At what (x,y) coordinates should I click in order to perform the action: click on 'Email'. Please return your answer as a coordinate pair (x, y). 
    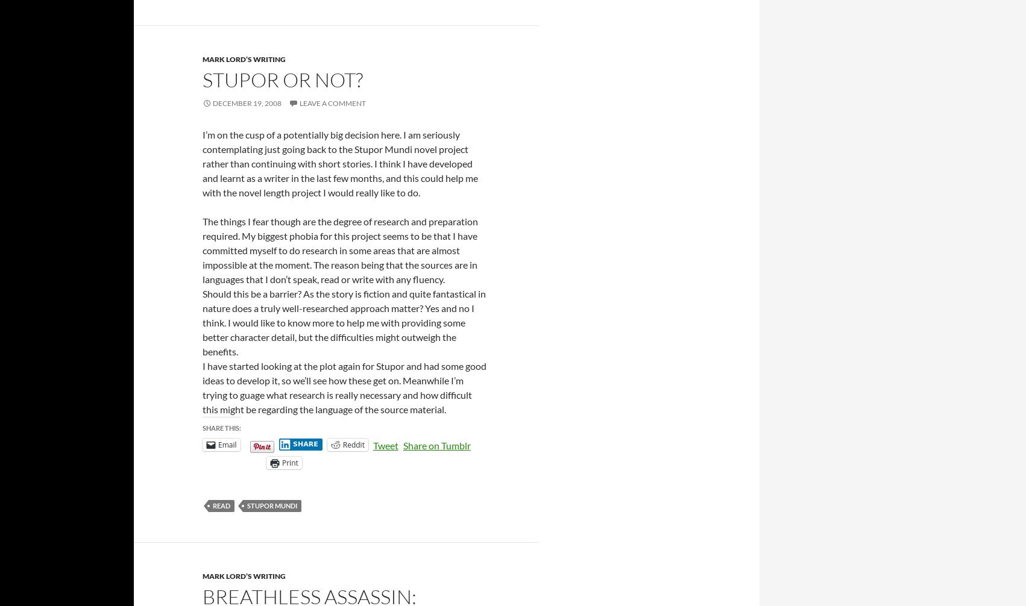
    Looking at the image, I should click on (218, 444).